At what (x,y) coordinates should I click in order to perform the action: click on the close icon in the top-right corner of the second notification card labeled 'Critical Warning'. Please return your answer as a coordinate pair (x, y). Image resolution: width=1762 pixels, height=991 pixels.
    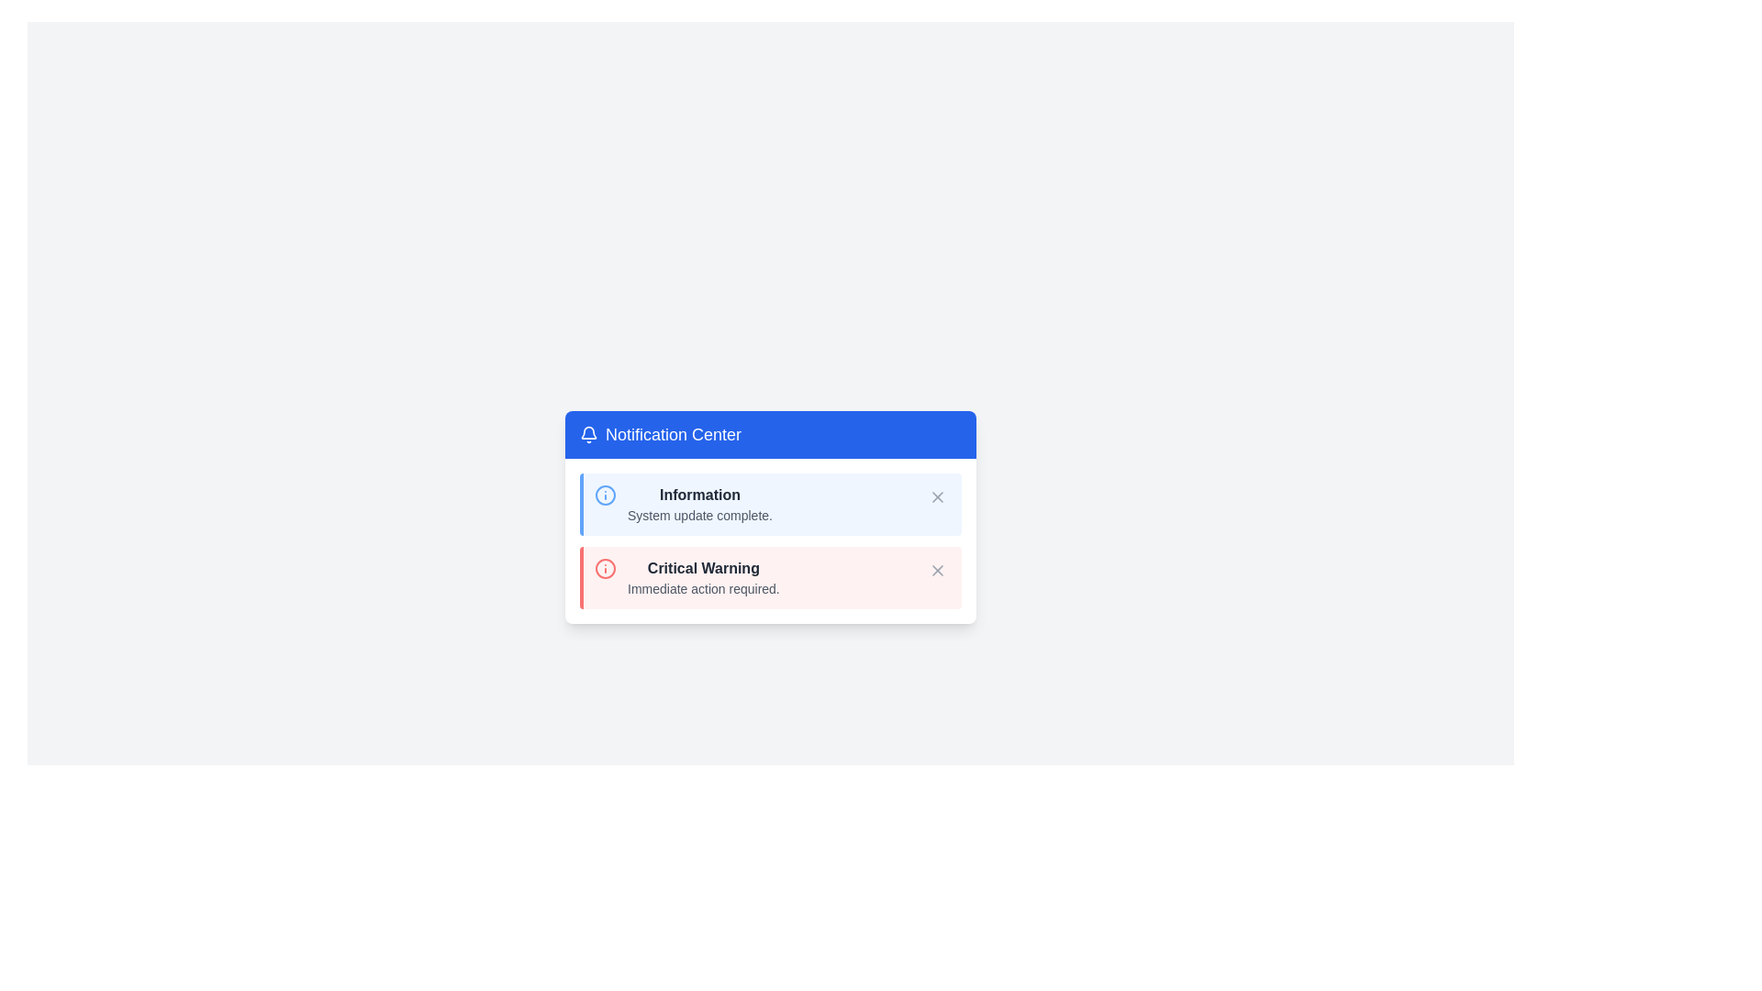
    Looking at the image, I should click on (938, 569).